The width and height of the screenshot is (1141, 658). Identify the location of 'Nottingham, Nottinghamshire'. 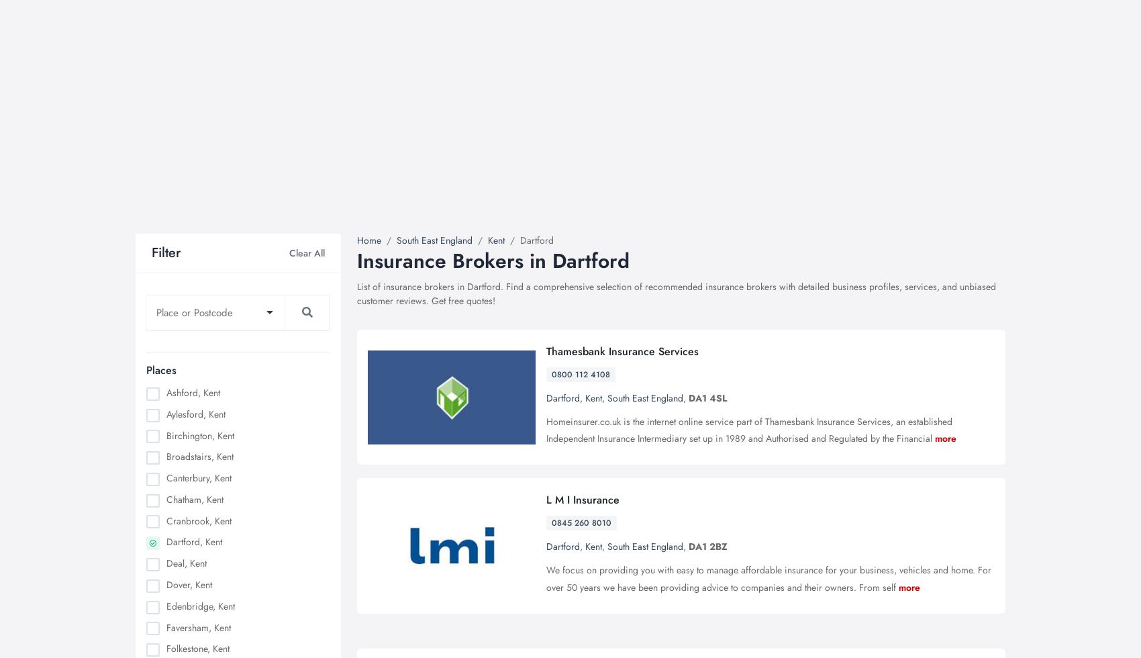
(224, 451).